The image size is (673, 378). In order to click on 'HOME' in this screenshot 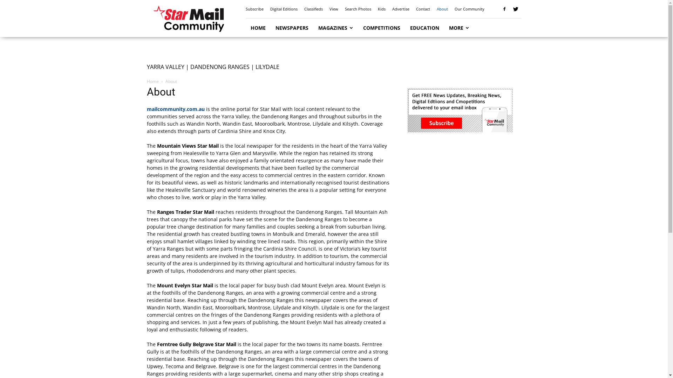, I will do `click(257, 27)`.